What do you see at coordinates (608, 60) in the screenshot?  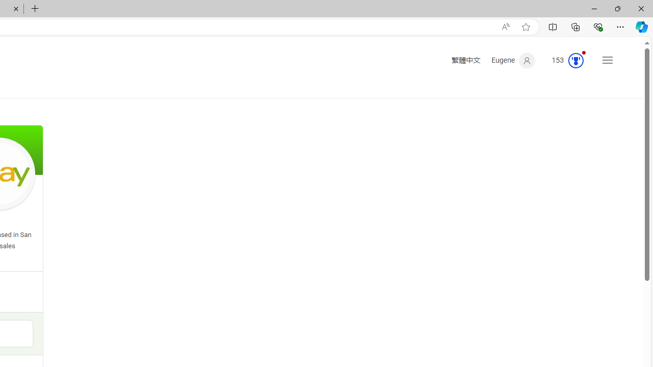 I see `'Settings and quick links'` at bounding box center [608, 60].